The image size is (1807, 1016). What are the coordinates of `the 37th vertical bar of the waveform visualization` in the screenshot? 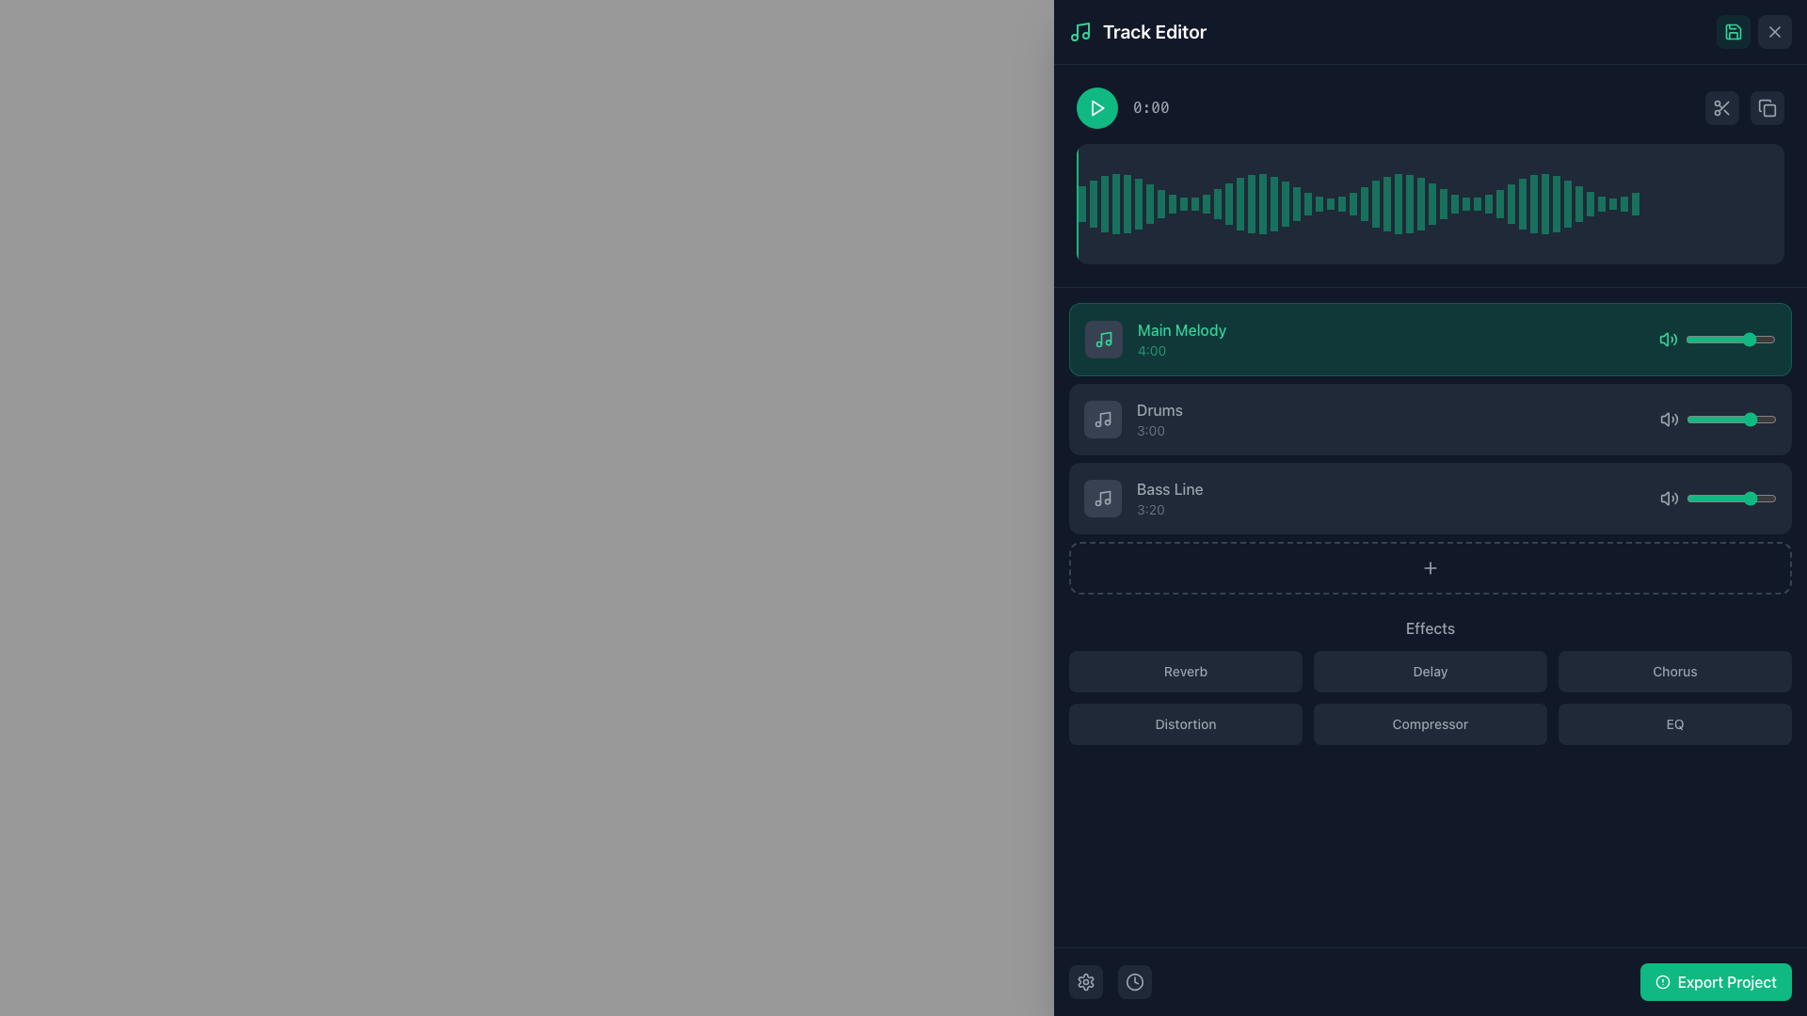 It's located at (1443, 203).